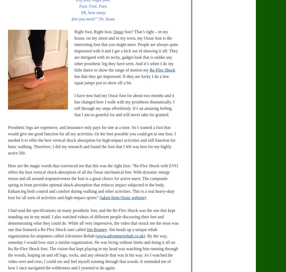 This screenshot has width=286, height=272. Describe the element at coordinates (74, 31) in the screenshot. I see `'Right foot, Right foot,'` at that location.